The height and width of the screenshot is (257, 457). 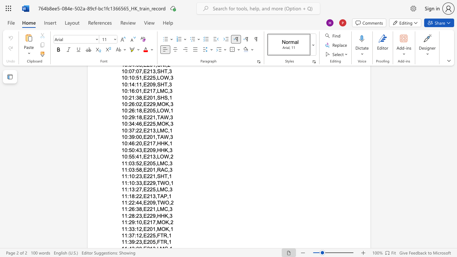 I want to click on the subset text "2,E205,LMC," within the text "11:03:52,E205,LMC,3", so click(x=139, y=163).